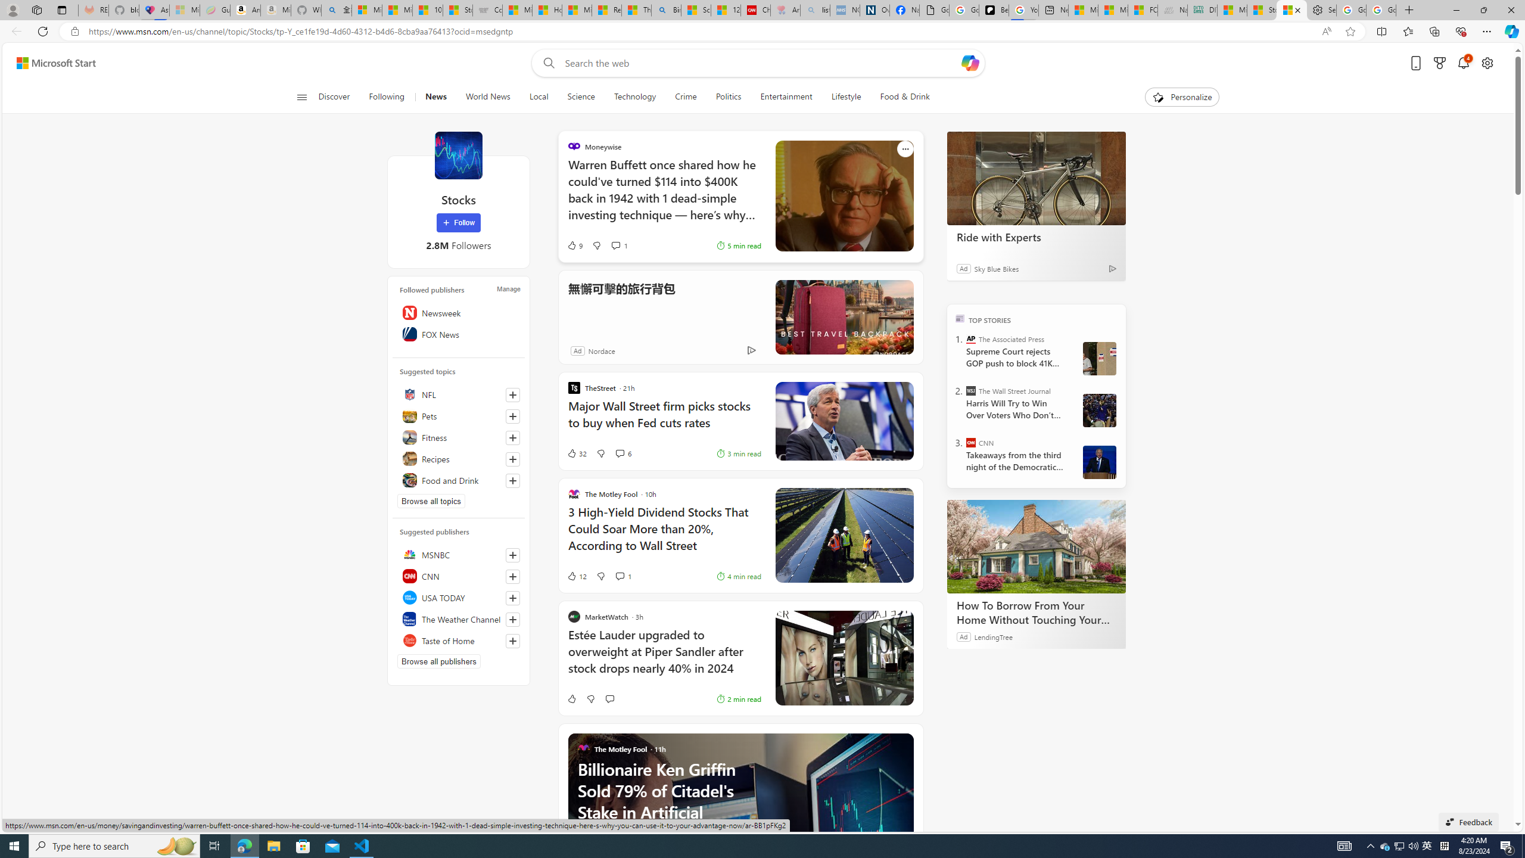 The height and width of the screenshot is (858, 1525). What do you see at coordinates (751, 350) in the screenshot?
I see `'Ad Choice'` at bounding box center [751, 350].